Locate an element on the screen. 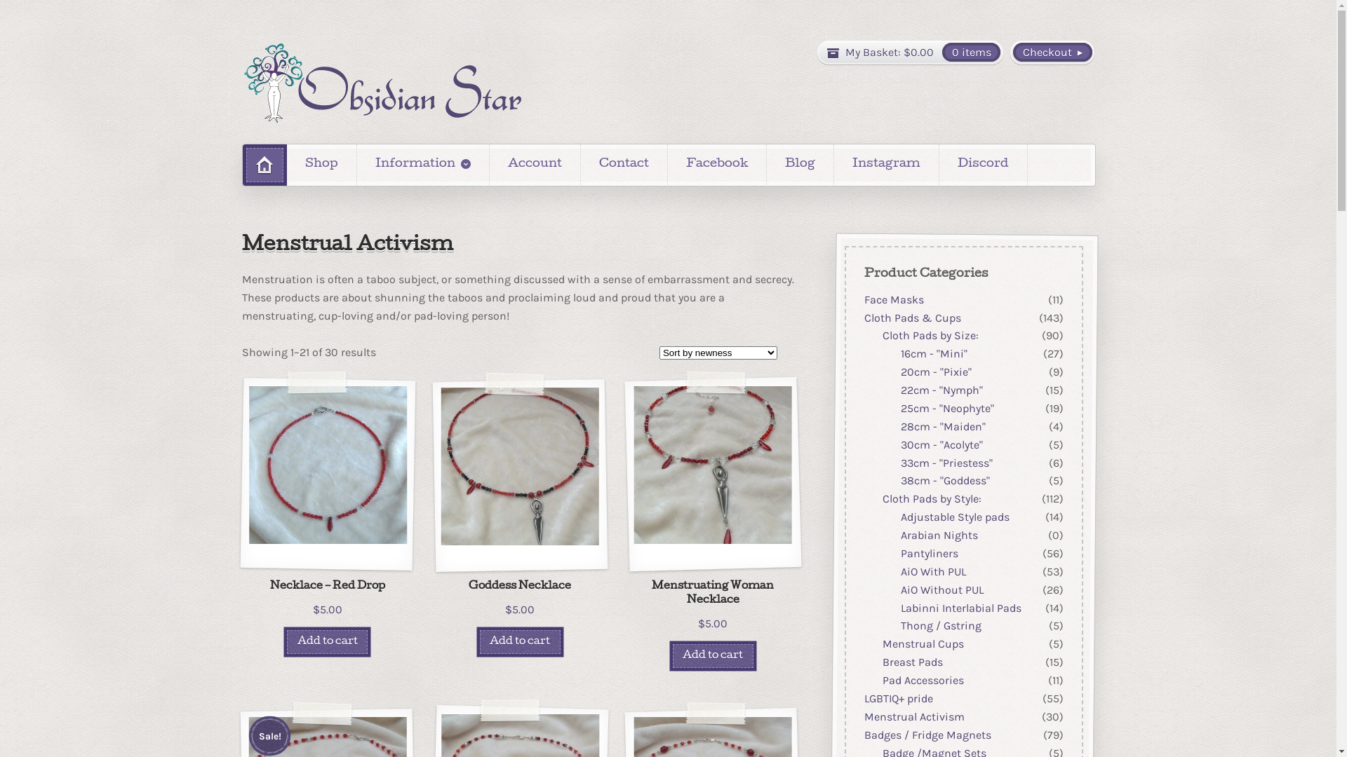  'Thong / Gstring' is located at coordinates (940, 625).